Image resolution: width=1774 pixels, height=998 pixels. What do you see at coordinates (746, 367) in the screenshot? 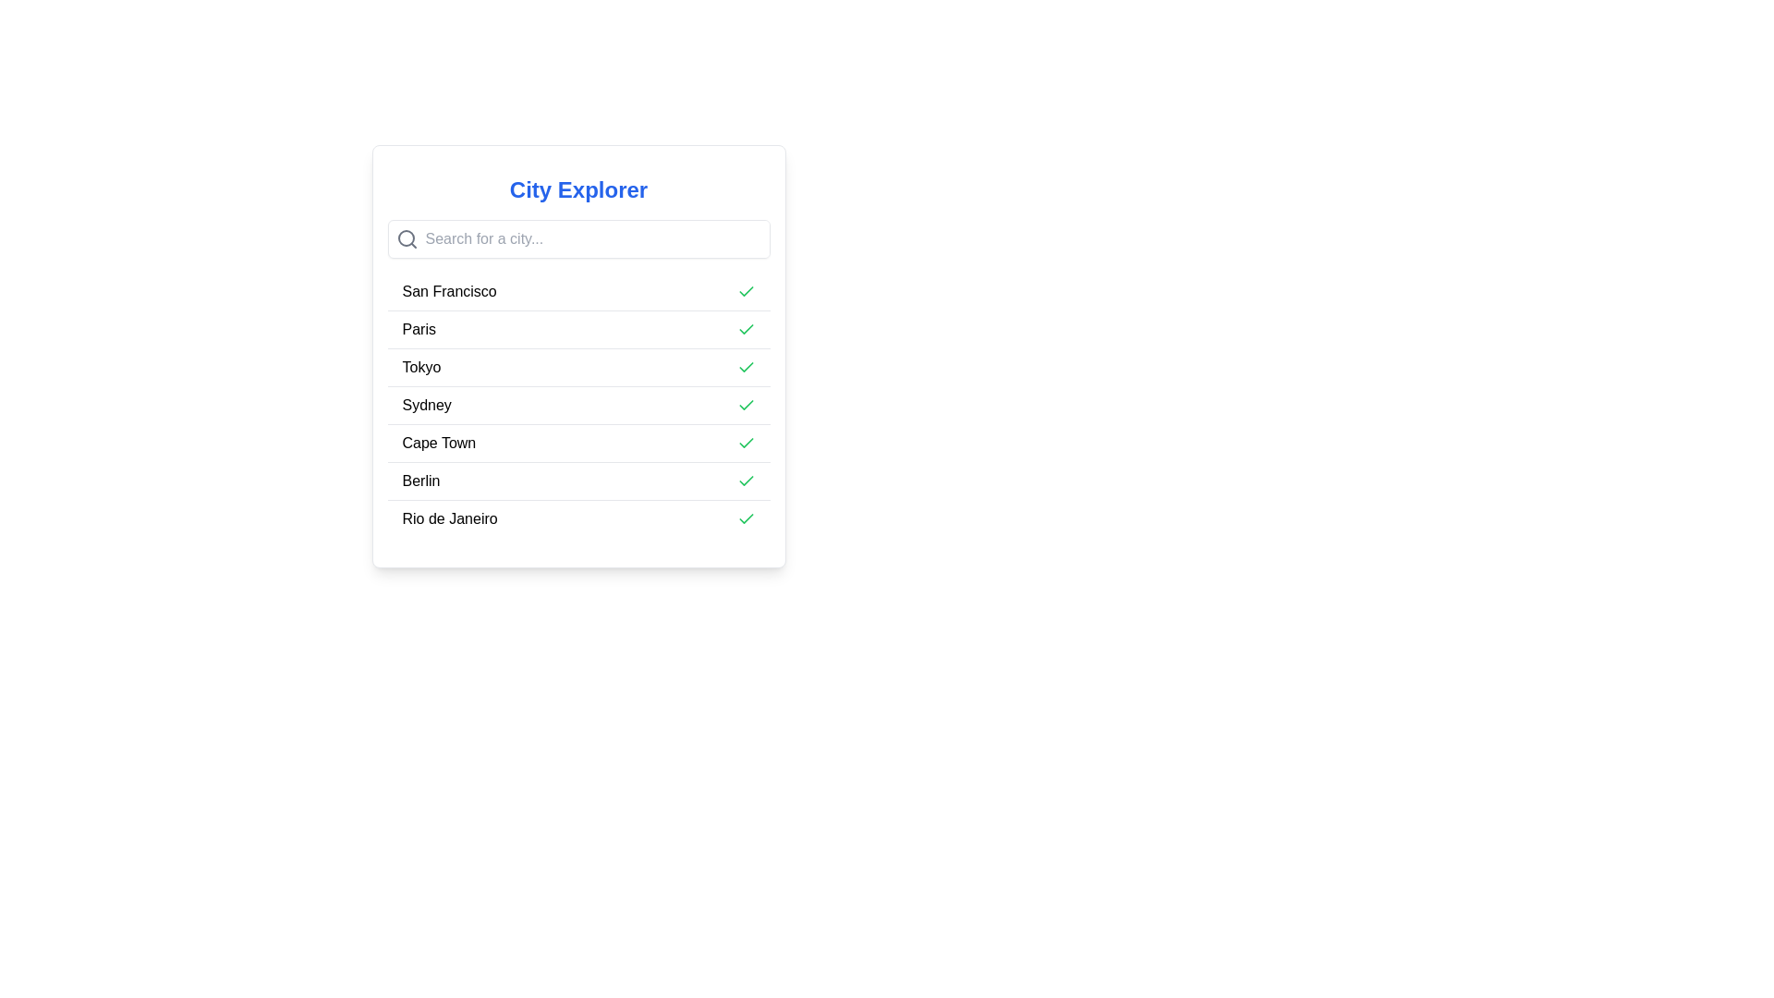
I see `the checkmark icon with a green outline located to the right of the 'Tokyo' text in the city names list` at bounding box center [746, 367].